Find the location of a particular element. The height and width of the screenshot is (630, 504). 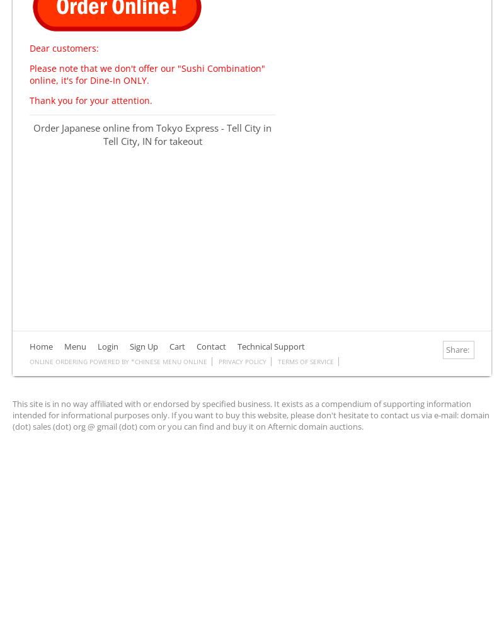

'This site is in no way affiliated with or endorsed by specified business. It exists as a compendium of supporting information intended for informational purposes only.
If you want to buy this website, please don't hesitate to contact us via e-mail: domain (dot) sales (dot) org @ gmail (dot) com or you can find and buy it on Afternic domain auctions.' is located at coordinates (13, 415).